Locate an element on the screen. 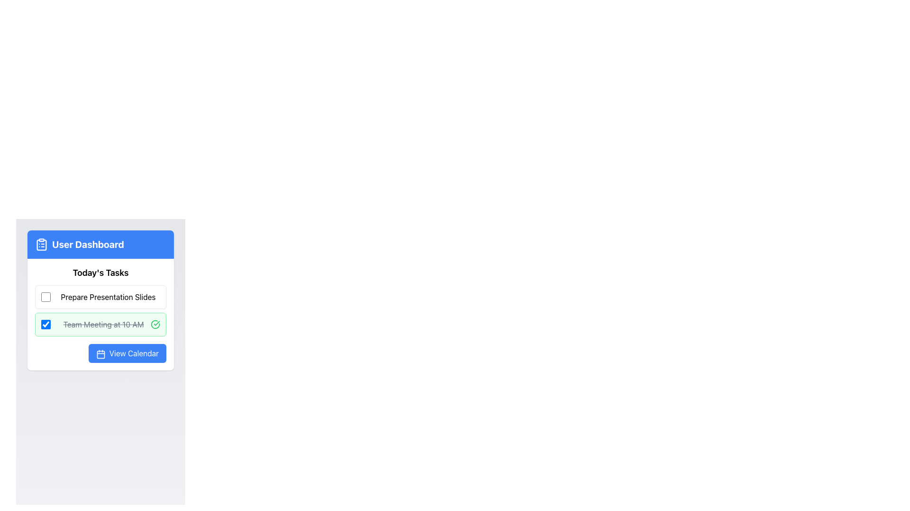 This screenshot has width=910, height=511. the 'View Calendar' button is located at coordinates (100, 353).